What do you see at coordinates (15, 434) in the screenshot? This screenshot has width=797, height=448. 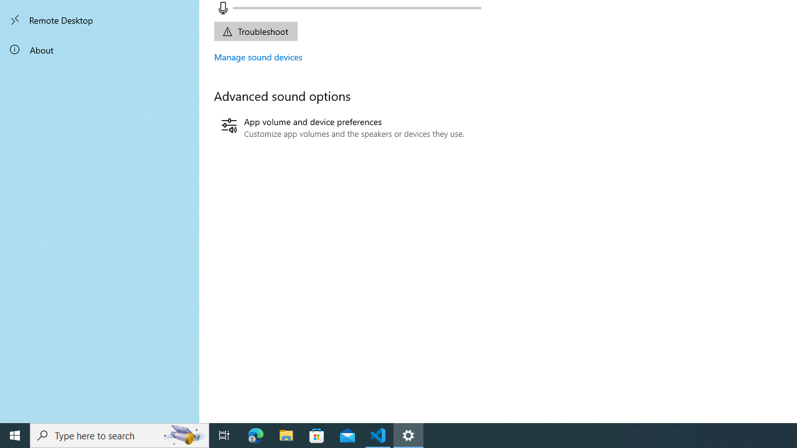 I see `'Start'` at bounding box center [15, 434].